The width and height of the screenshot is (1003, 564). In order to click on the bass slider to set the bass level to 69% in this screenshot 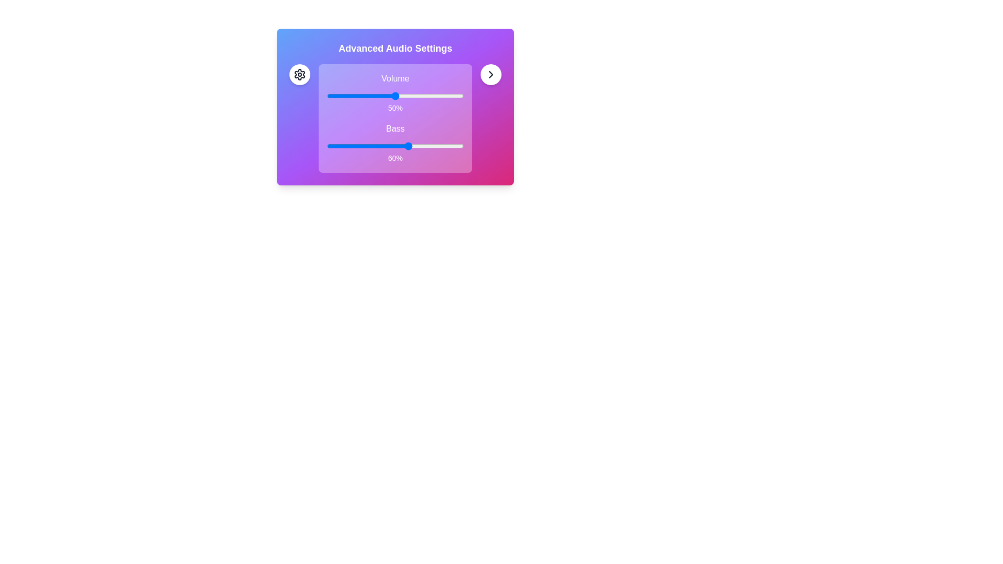, I will do `click(421, 146)`.